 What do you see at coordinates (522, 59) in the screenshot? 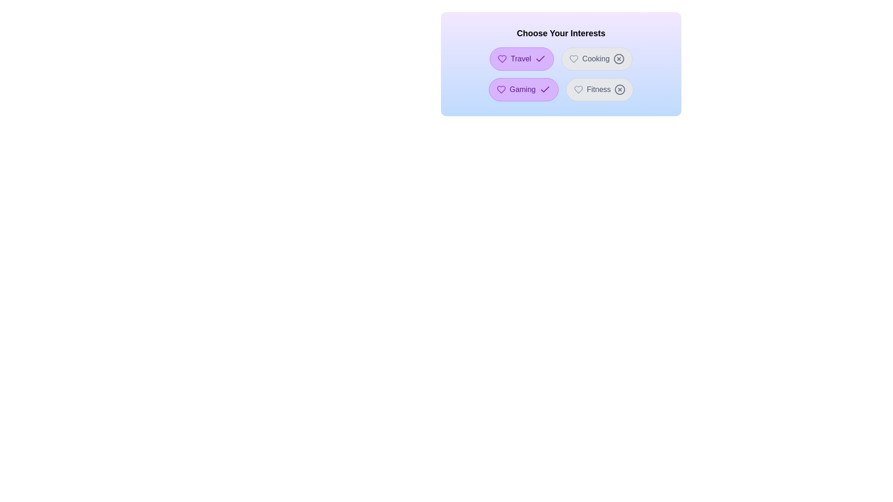
I see `the interest Travel by clicking its button` at bounding box center [522, 59].